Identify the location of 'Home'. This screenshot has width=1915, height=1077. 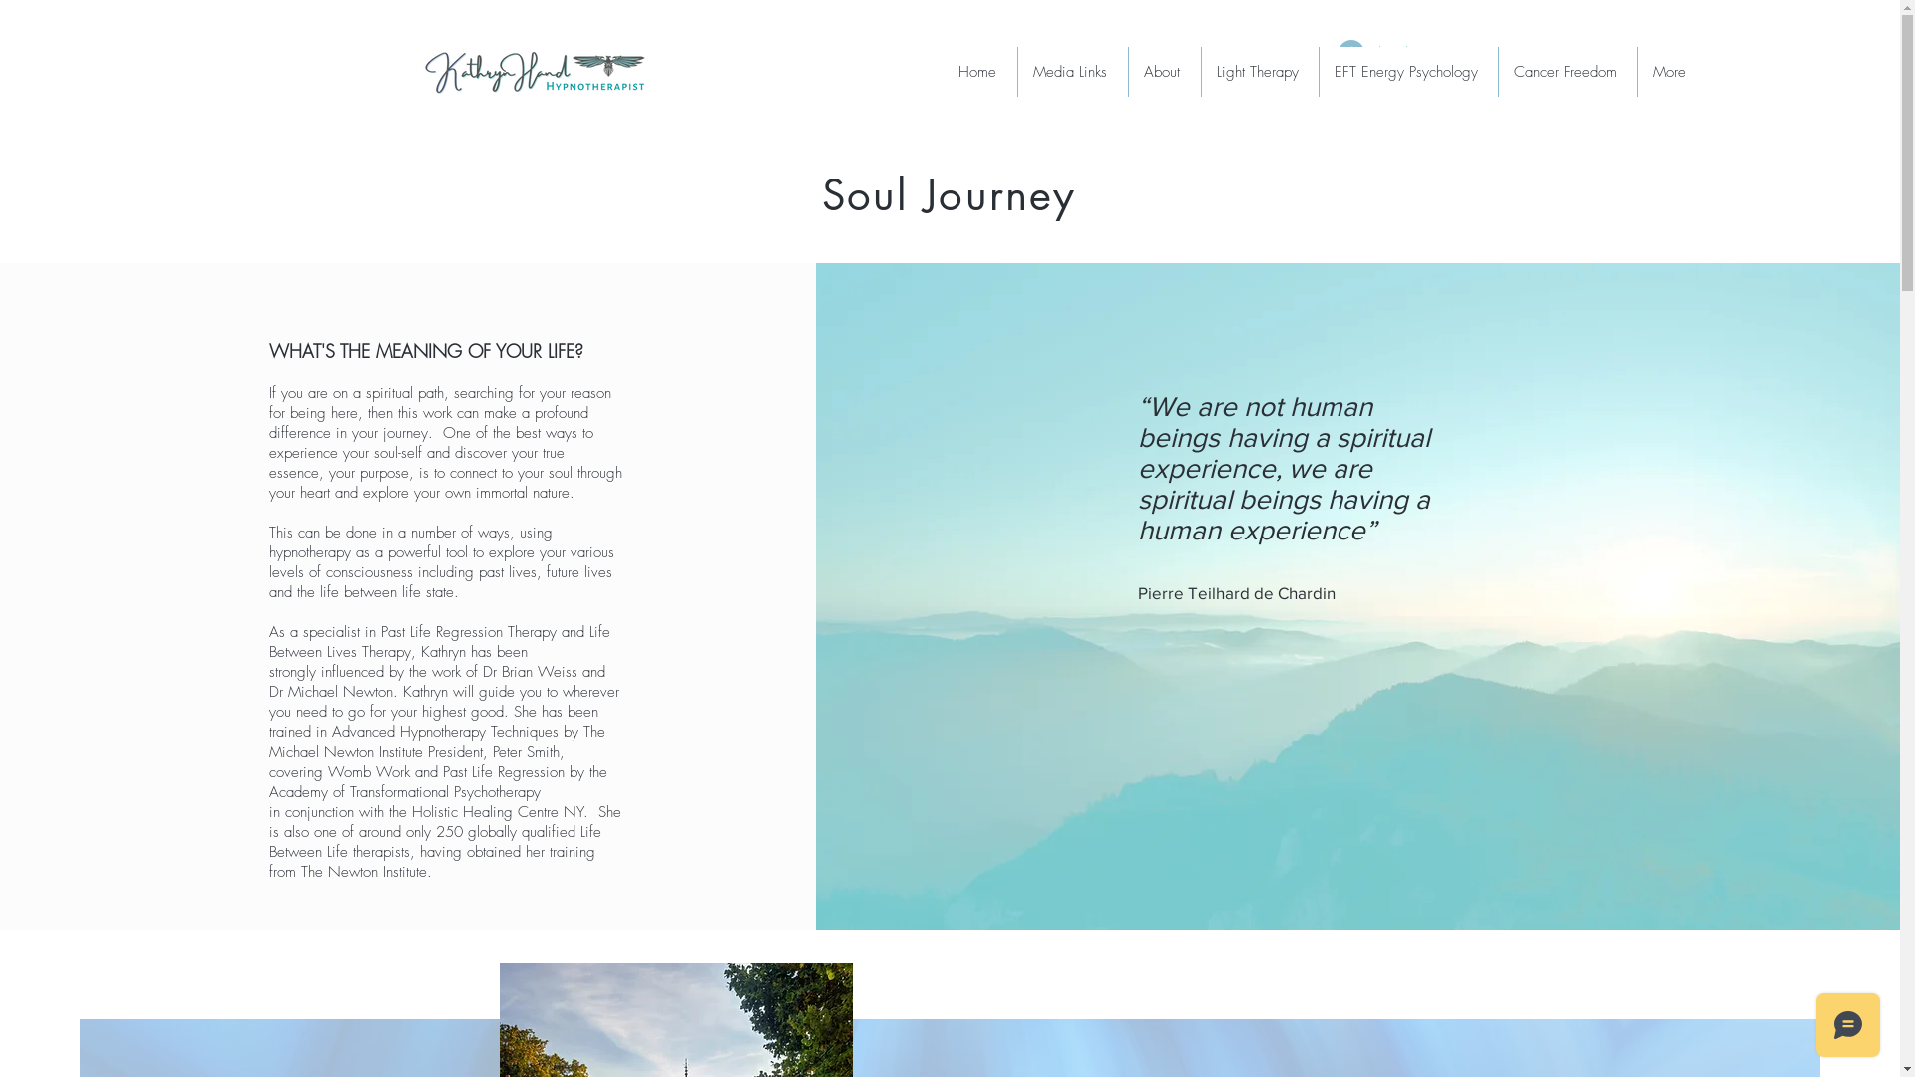
(942, 71).